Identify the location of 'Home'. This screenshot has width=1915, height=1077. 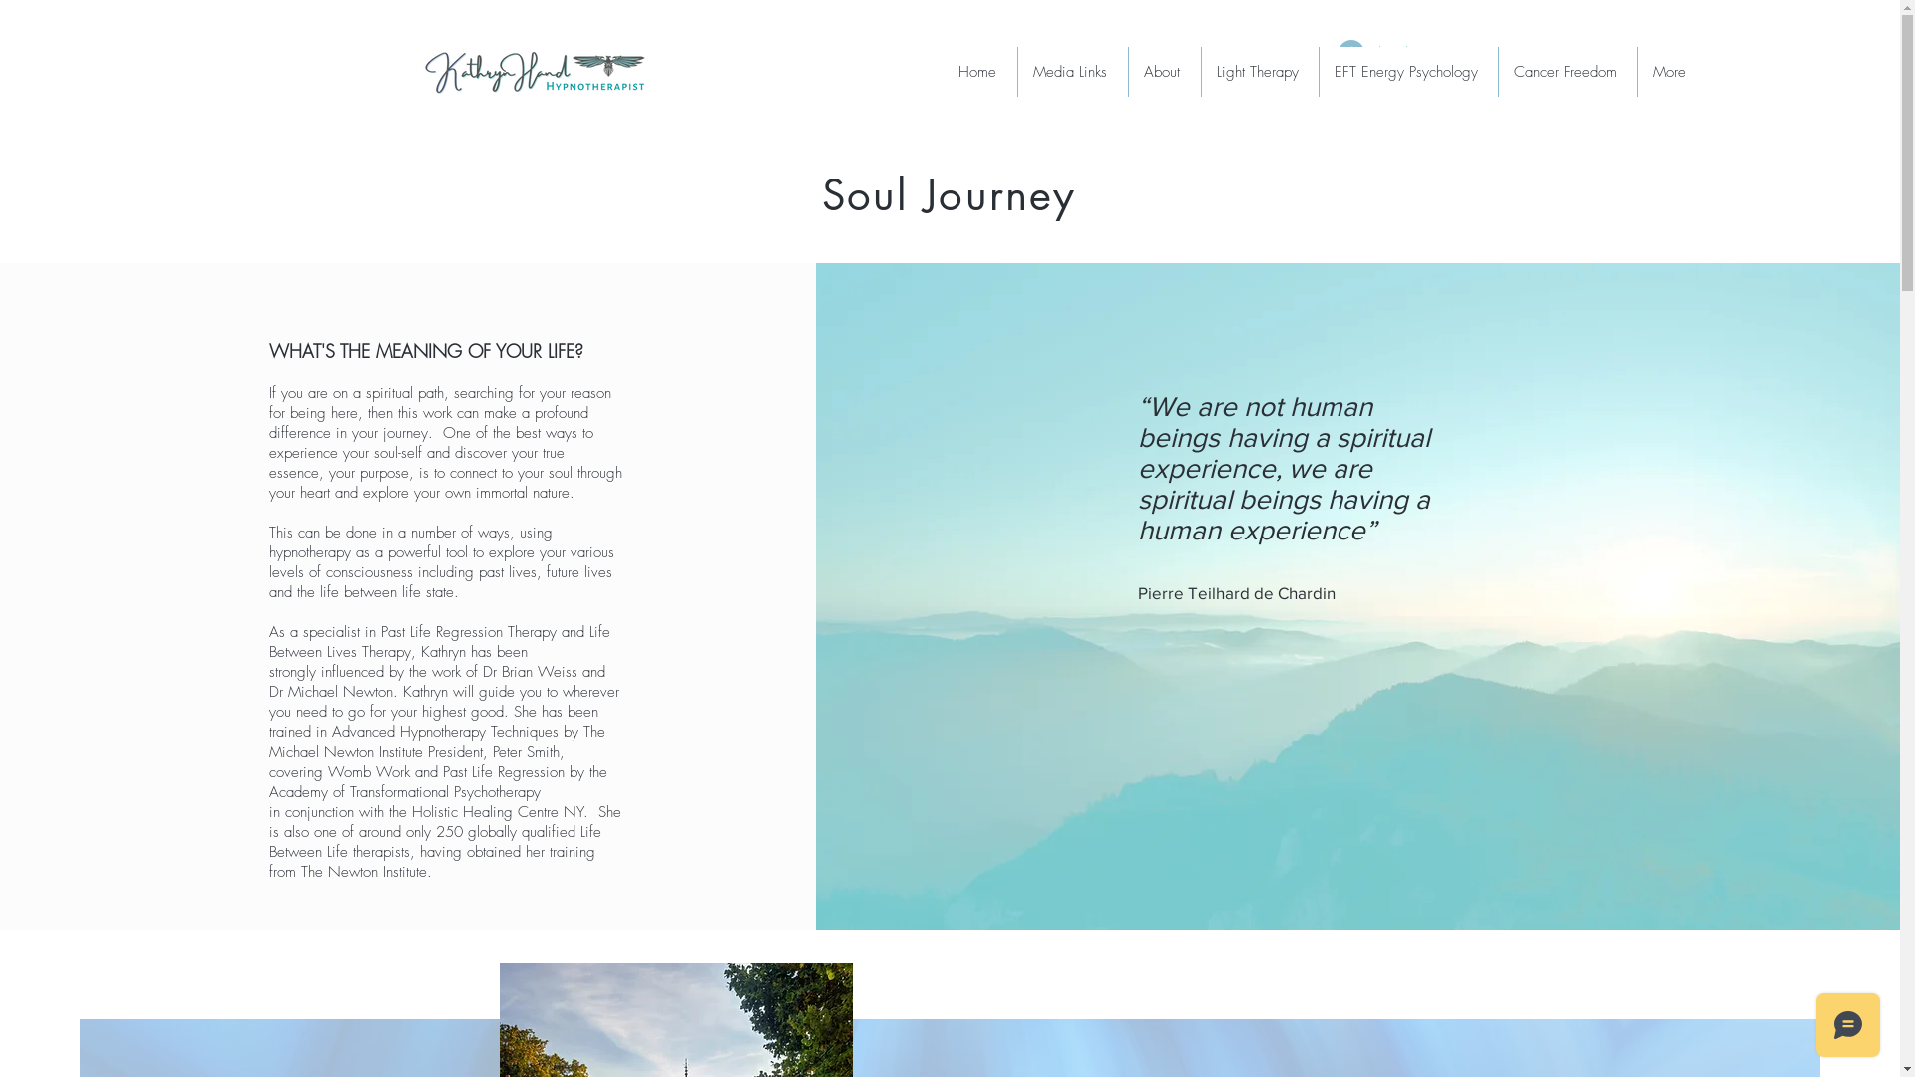
(942, 71).